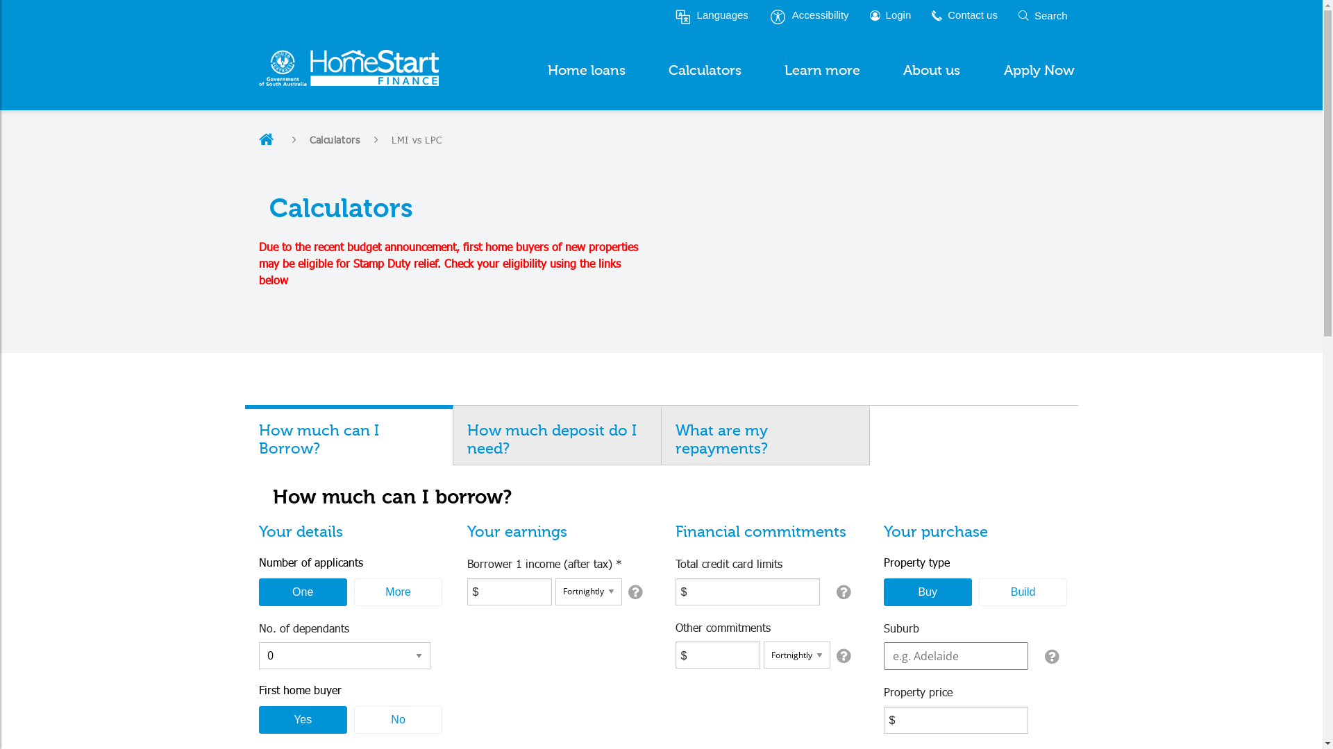  I want to click on 'Home loans', so click(586, 70).